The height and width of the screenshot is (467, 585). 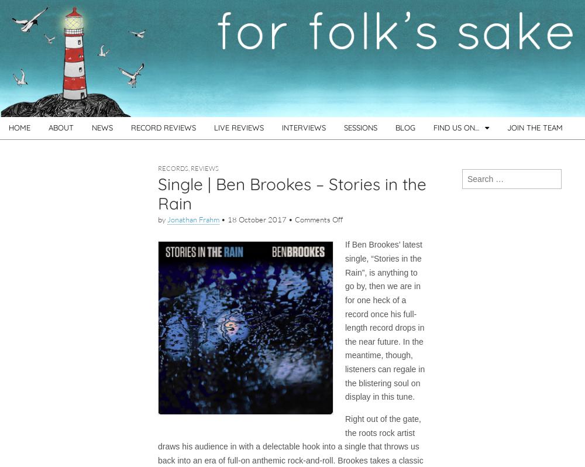 What do you see at coordinates (158, 167) in the screenshot?
I see `'Records'` at bounding box center [158, 167].